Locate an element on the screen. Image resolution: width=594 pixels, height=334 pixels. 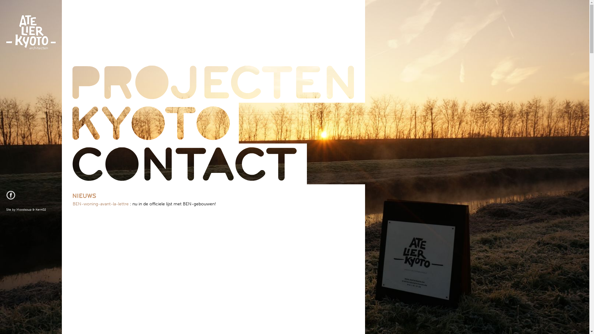
'BEN-woning-avant-la-lettre' is located at coordinates (101, 204).